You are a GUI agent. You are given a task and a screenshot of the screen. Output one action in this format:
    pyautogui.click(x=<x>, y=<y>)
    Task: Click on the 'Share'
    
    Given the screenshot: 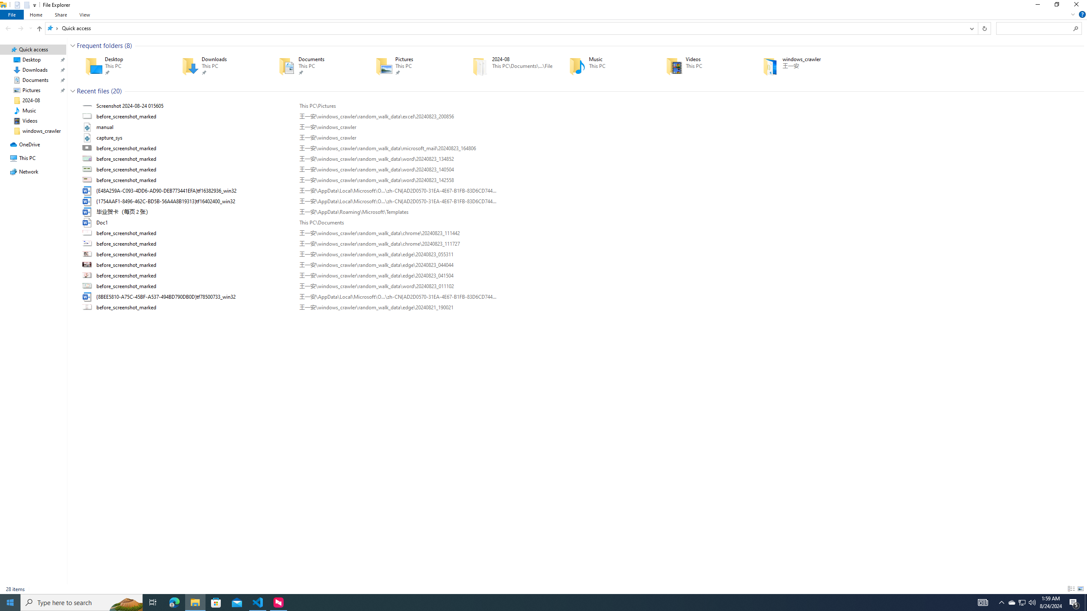 What is the action you would take?
    pyautogui.click(x=60, y=14)
    